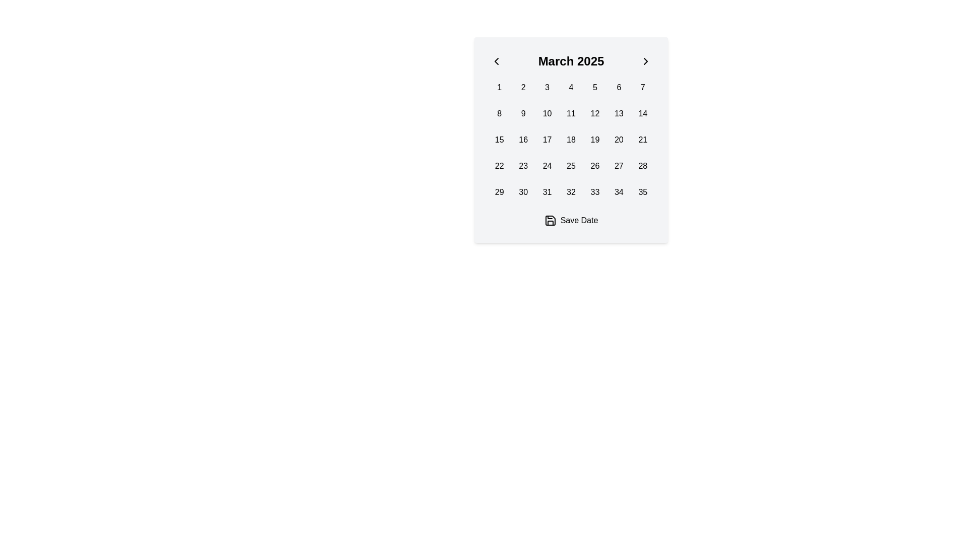 The image size is (968, 544). I want to click on the confirm button located at the bottom of the calendar interface, so click(571, 220).